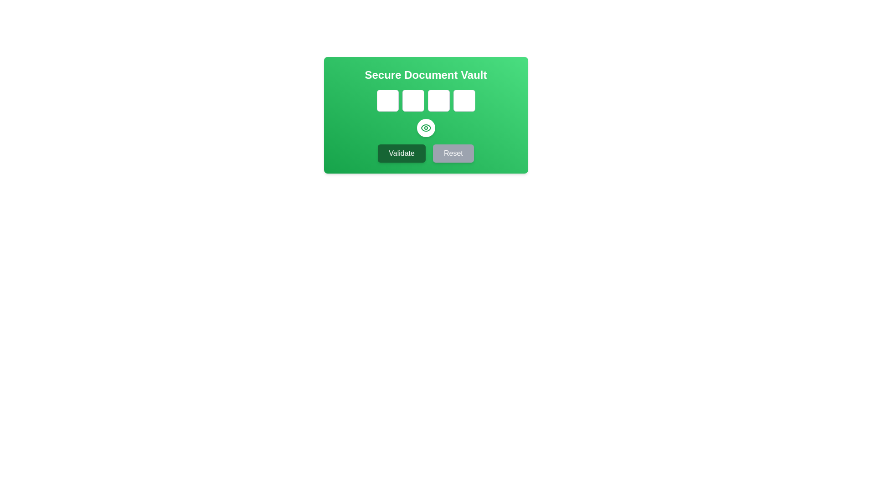 The height and width of the screenshot is (492, 875). What do you see at coordinates (425, 100) in the screenshot?
I see `one of the individual text input boxes in the 'Secure Document Vault' area` at bounding box center [425, 100].